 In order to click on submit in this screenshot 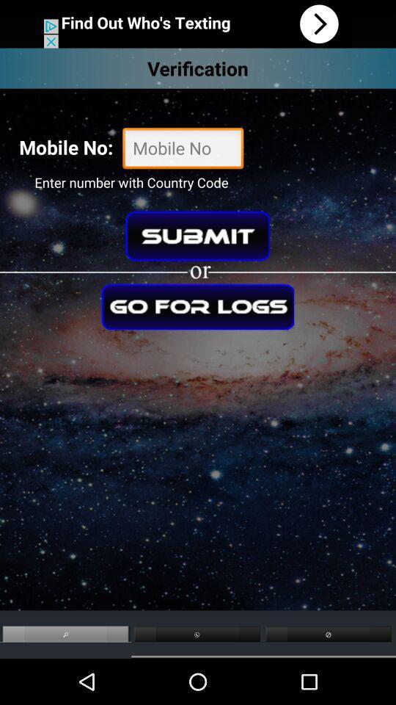, I will do `click(197, 236)`.